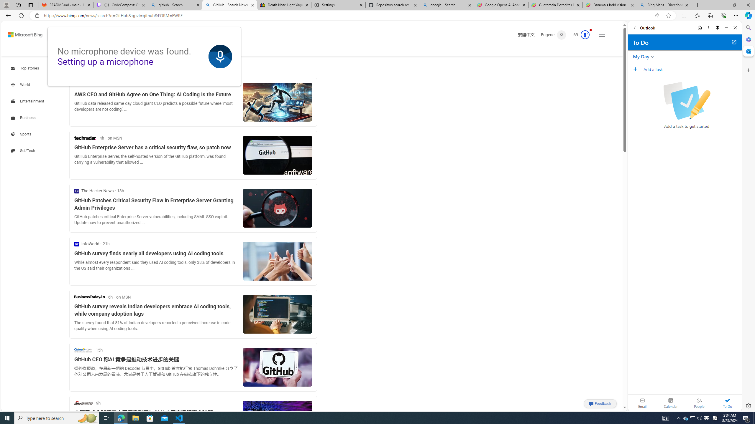  Describe the element at coordinates (727, 403) in the screenshot. I see `'To Do'` at that location.